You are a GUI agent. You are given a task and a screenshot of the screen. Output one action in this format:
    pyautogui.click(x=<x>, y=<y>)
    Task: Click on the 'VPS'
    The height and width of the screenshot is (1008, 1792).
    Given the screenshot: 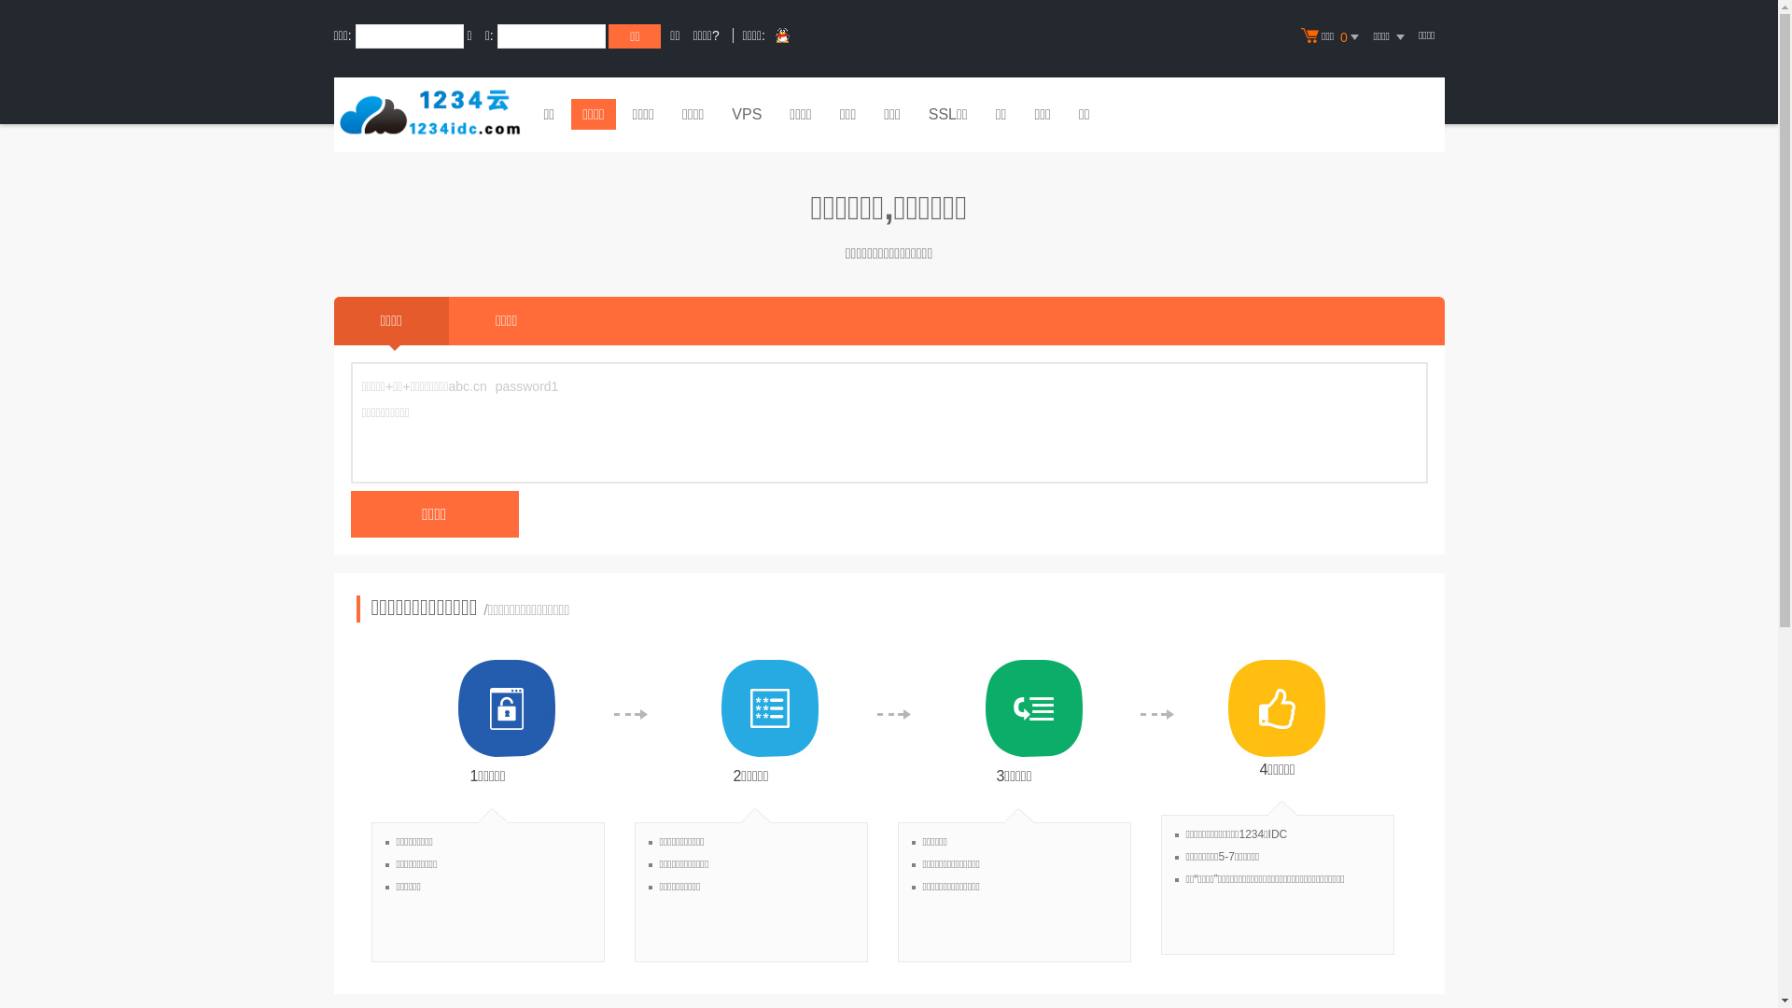 What is the action you would take?
    pyautogui.click(x=720, y=116)
    